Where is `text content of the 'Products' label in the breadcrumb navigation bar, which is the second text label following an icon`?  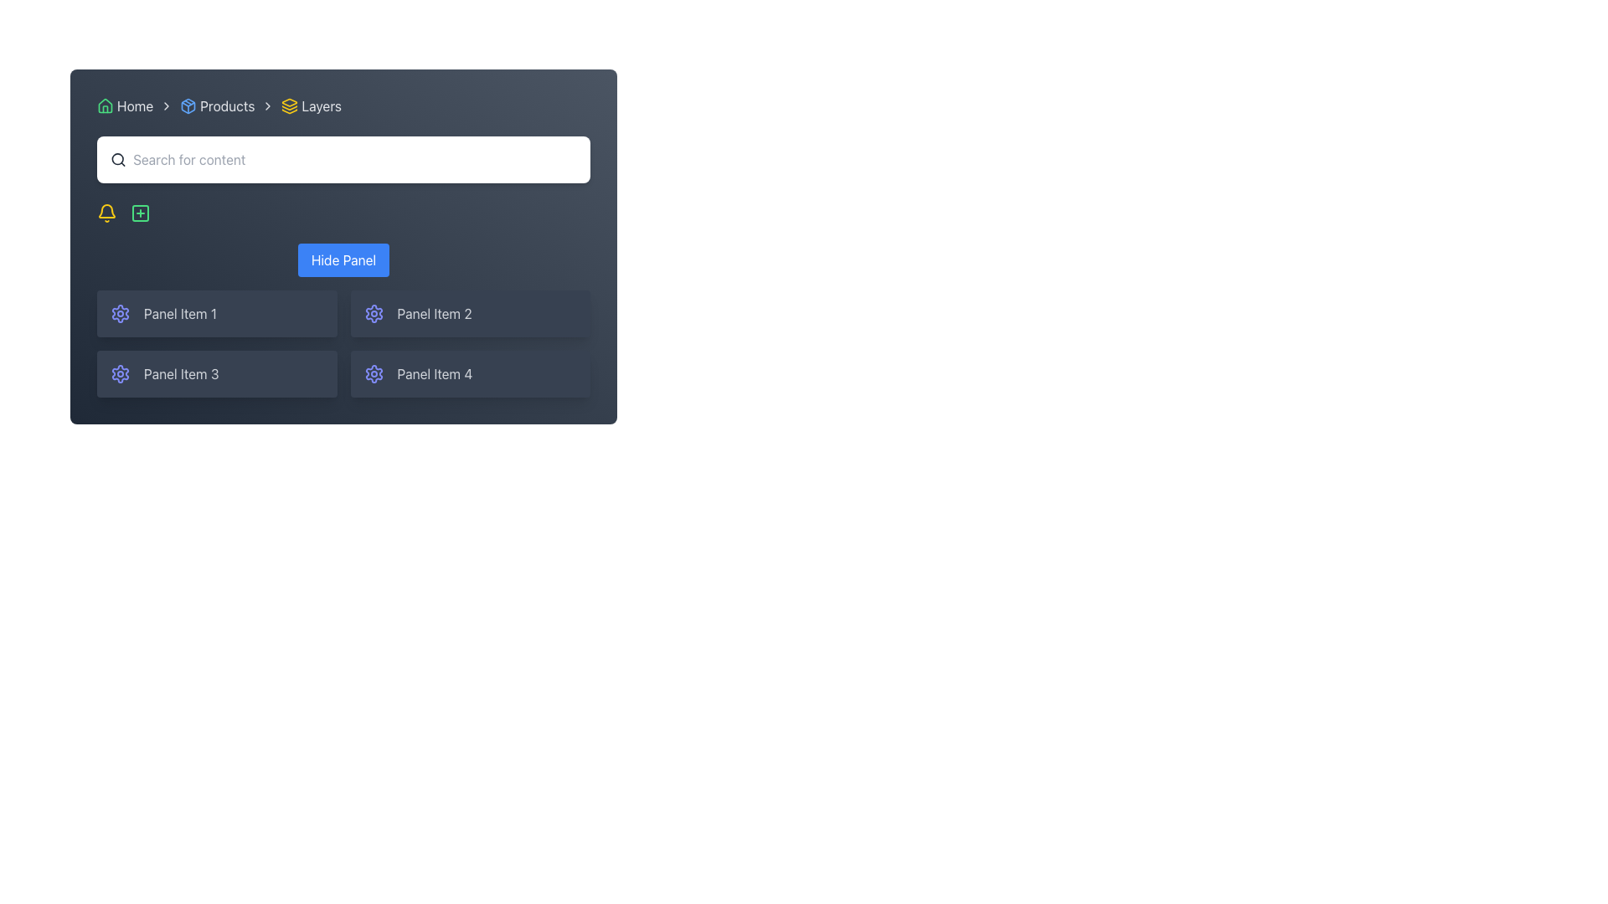 text content of the 'Products' label in the breadcrumb navigation bar, which is the second text label following an icon is located at coordinates (226, 106).